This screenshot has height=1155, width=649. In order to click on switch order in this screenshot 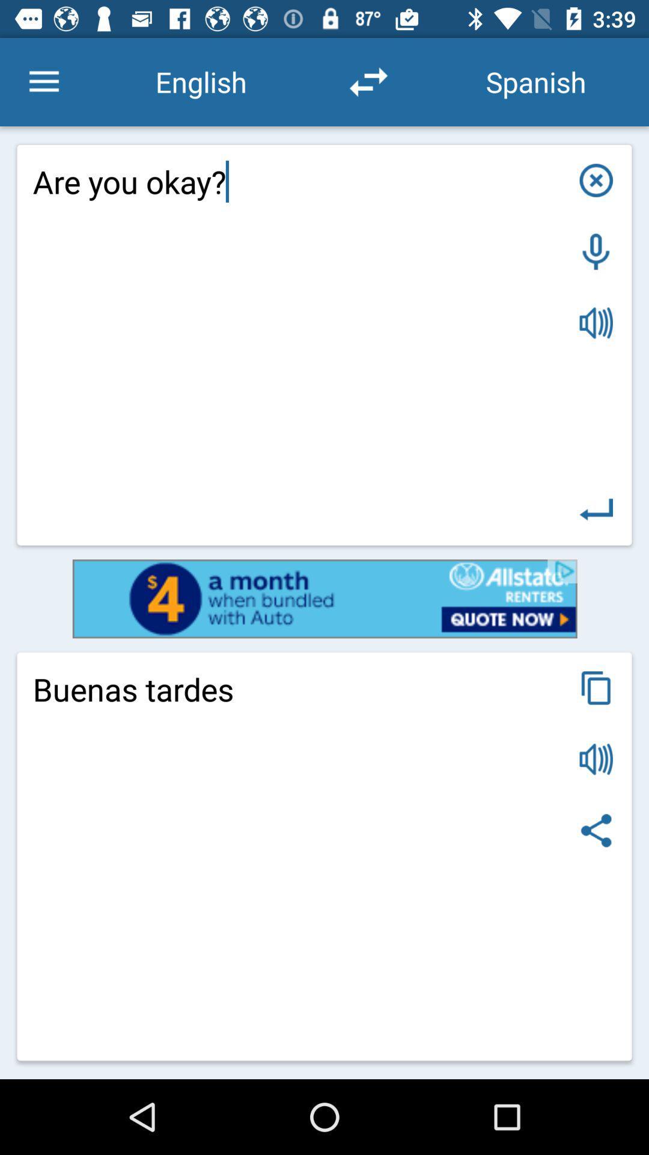, I will do `click(368, 81)`.